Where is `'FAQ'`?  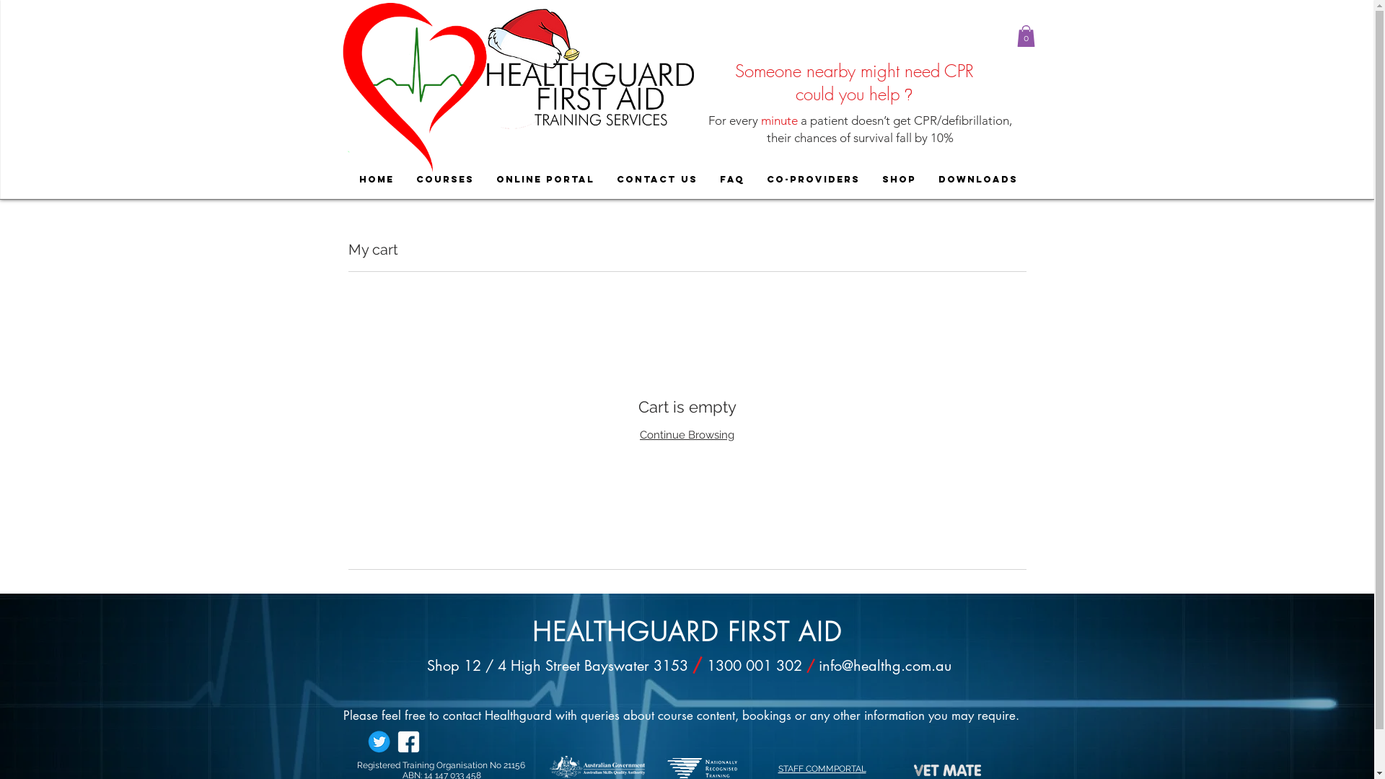 'FAQ' is located at coordinates (731, 178).